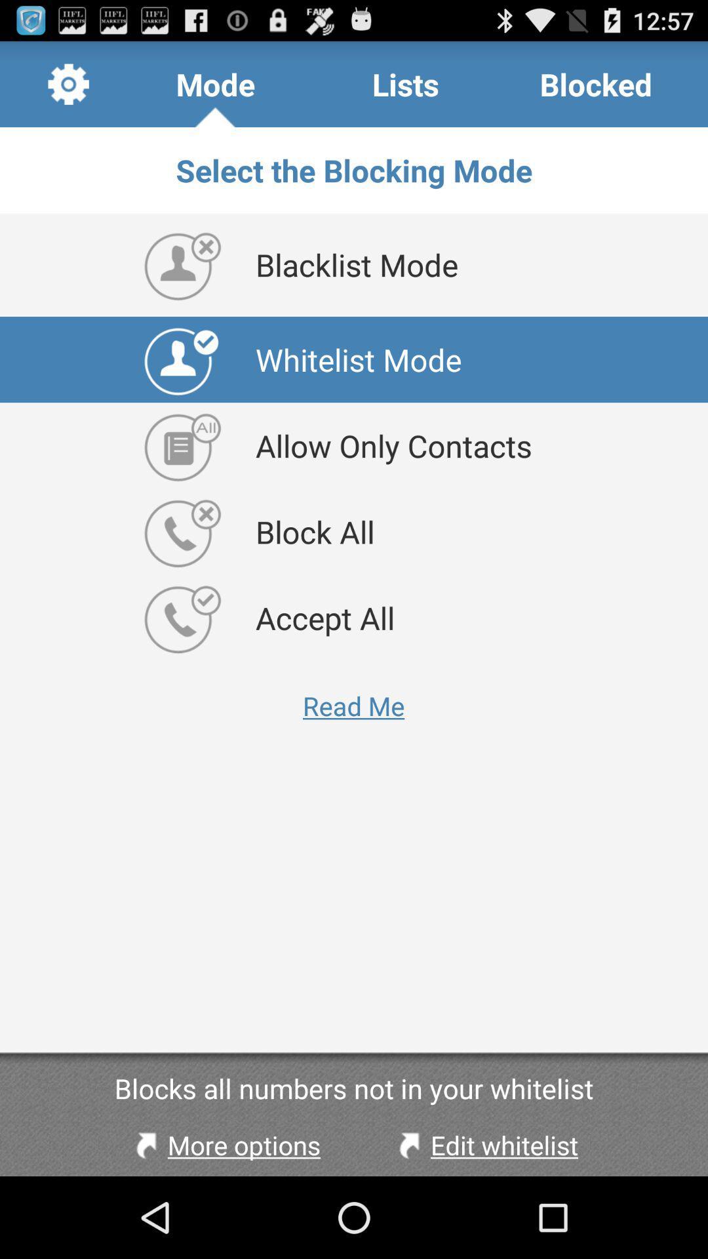 The image size is (708, 1259). I want to click on the lists icon, so click(405, 83).